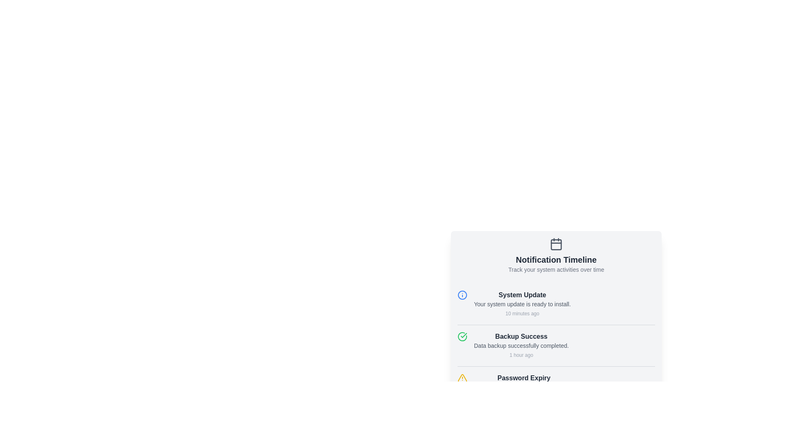 Image resolution: width=790 pixels, height=444 pixels. What do you see at coordinates (462, 336) in the screenshot?
I see `the 'Backup Success' icon, which indicates the successful completion of the backup action, located to the left of the title text` at bounding box center [462, 336].